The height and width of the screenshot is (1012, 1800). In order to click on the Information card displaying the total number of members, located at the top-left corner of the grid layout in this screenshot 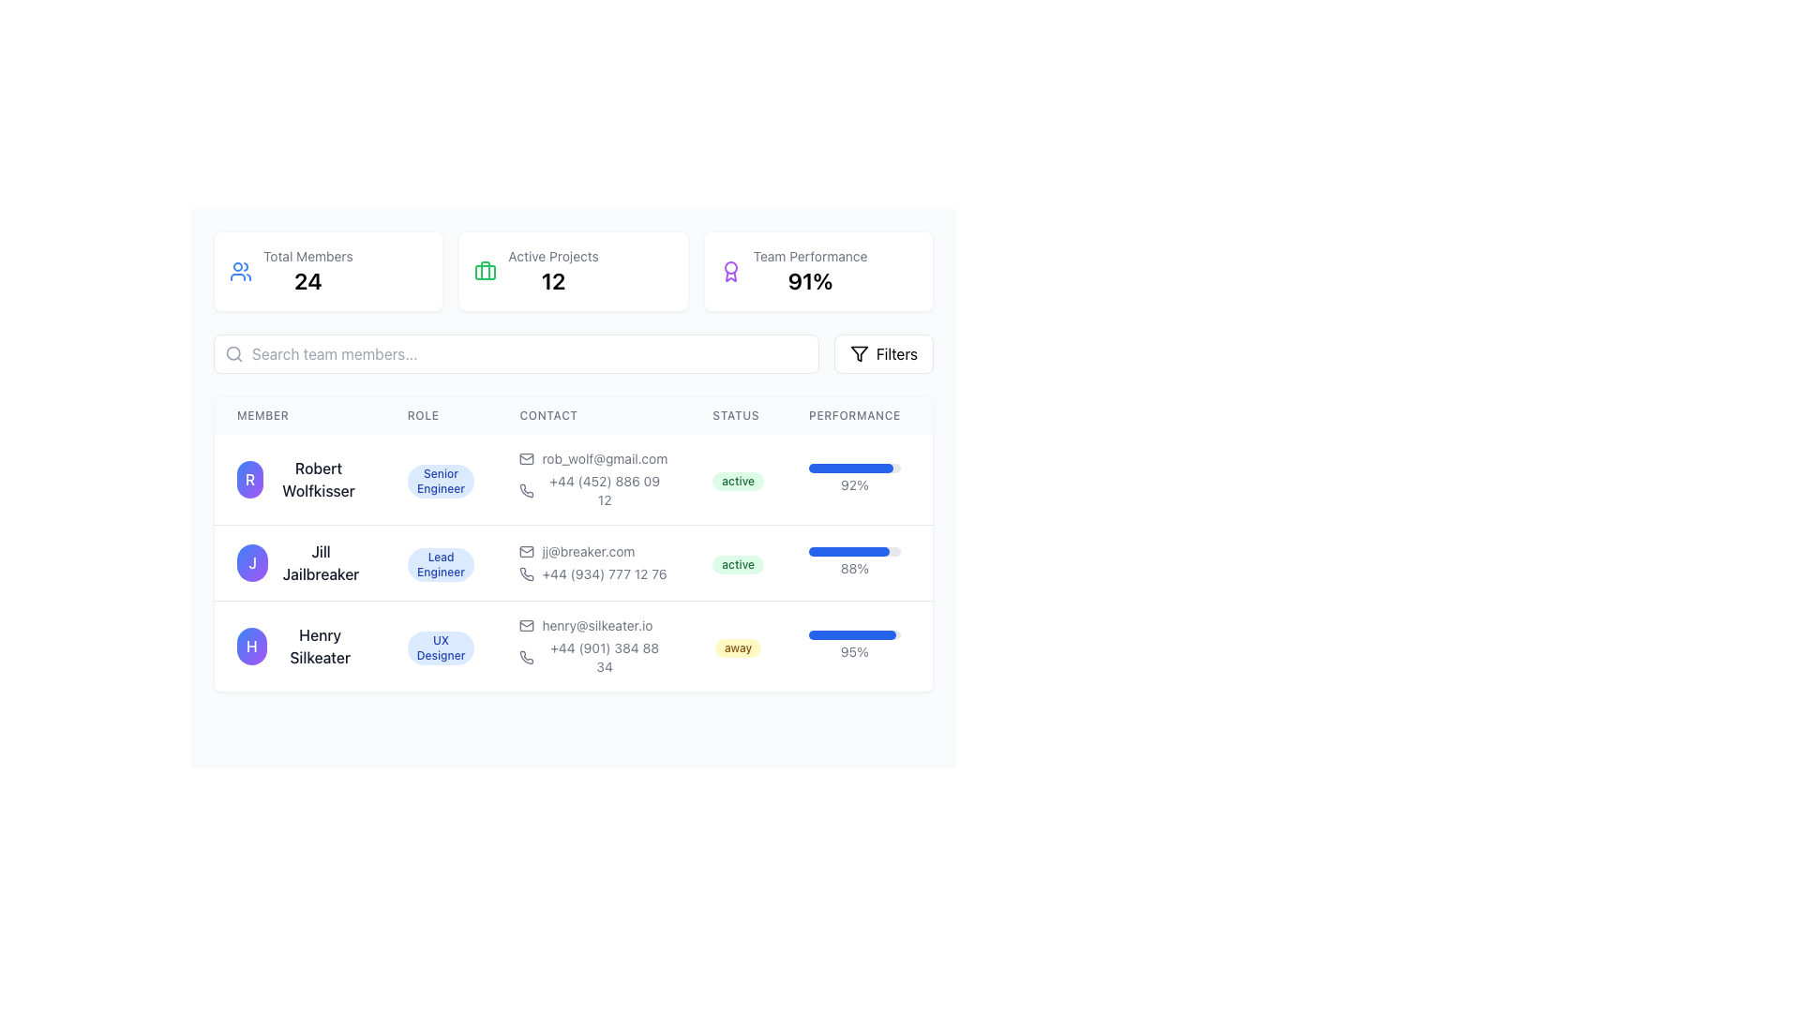, I will do `click(328, 271)`.